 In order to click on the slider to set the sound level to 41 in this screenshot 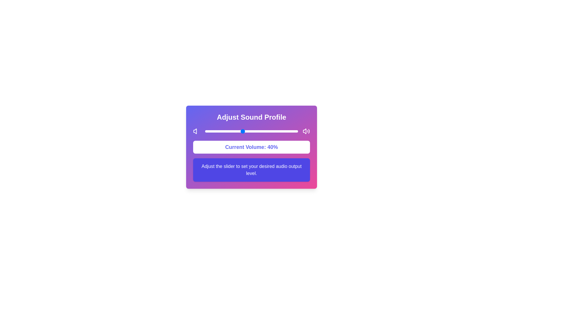, I will do `click(243, 131)`.